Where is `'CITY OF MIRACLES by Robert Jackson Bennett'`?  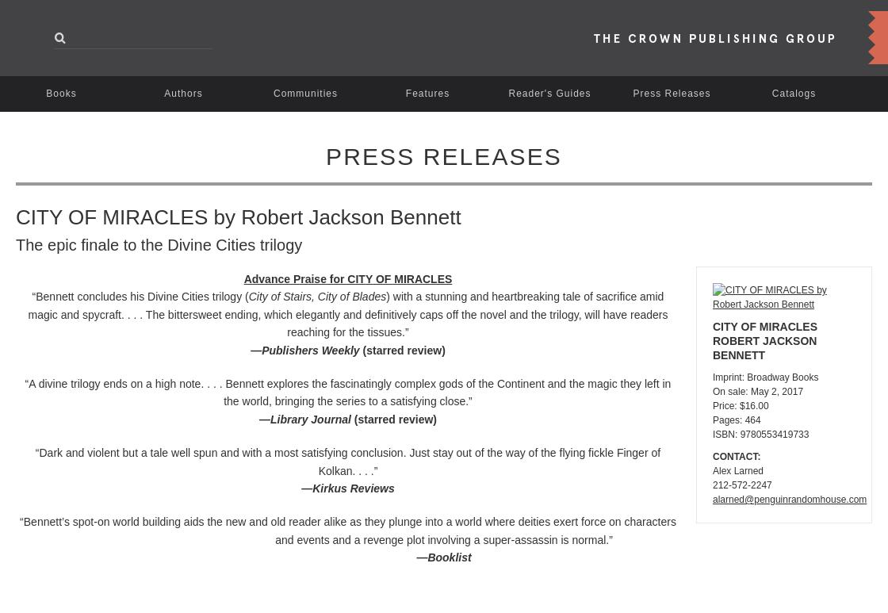
'CITY OF MIRACLES by Robert Jackson Bennett' is located at coordinates (238, 216).